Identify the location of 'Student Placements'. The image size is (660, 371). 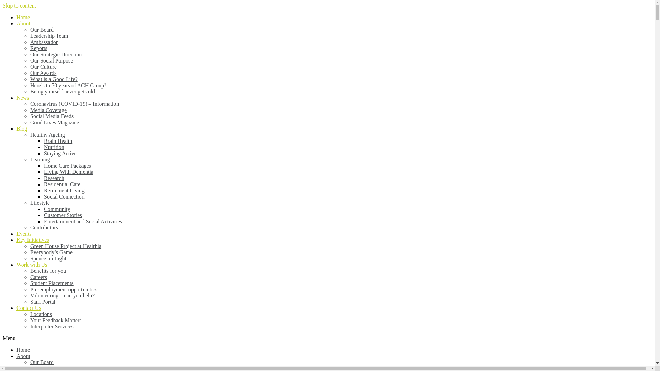
(30, 283).